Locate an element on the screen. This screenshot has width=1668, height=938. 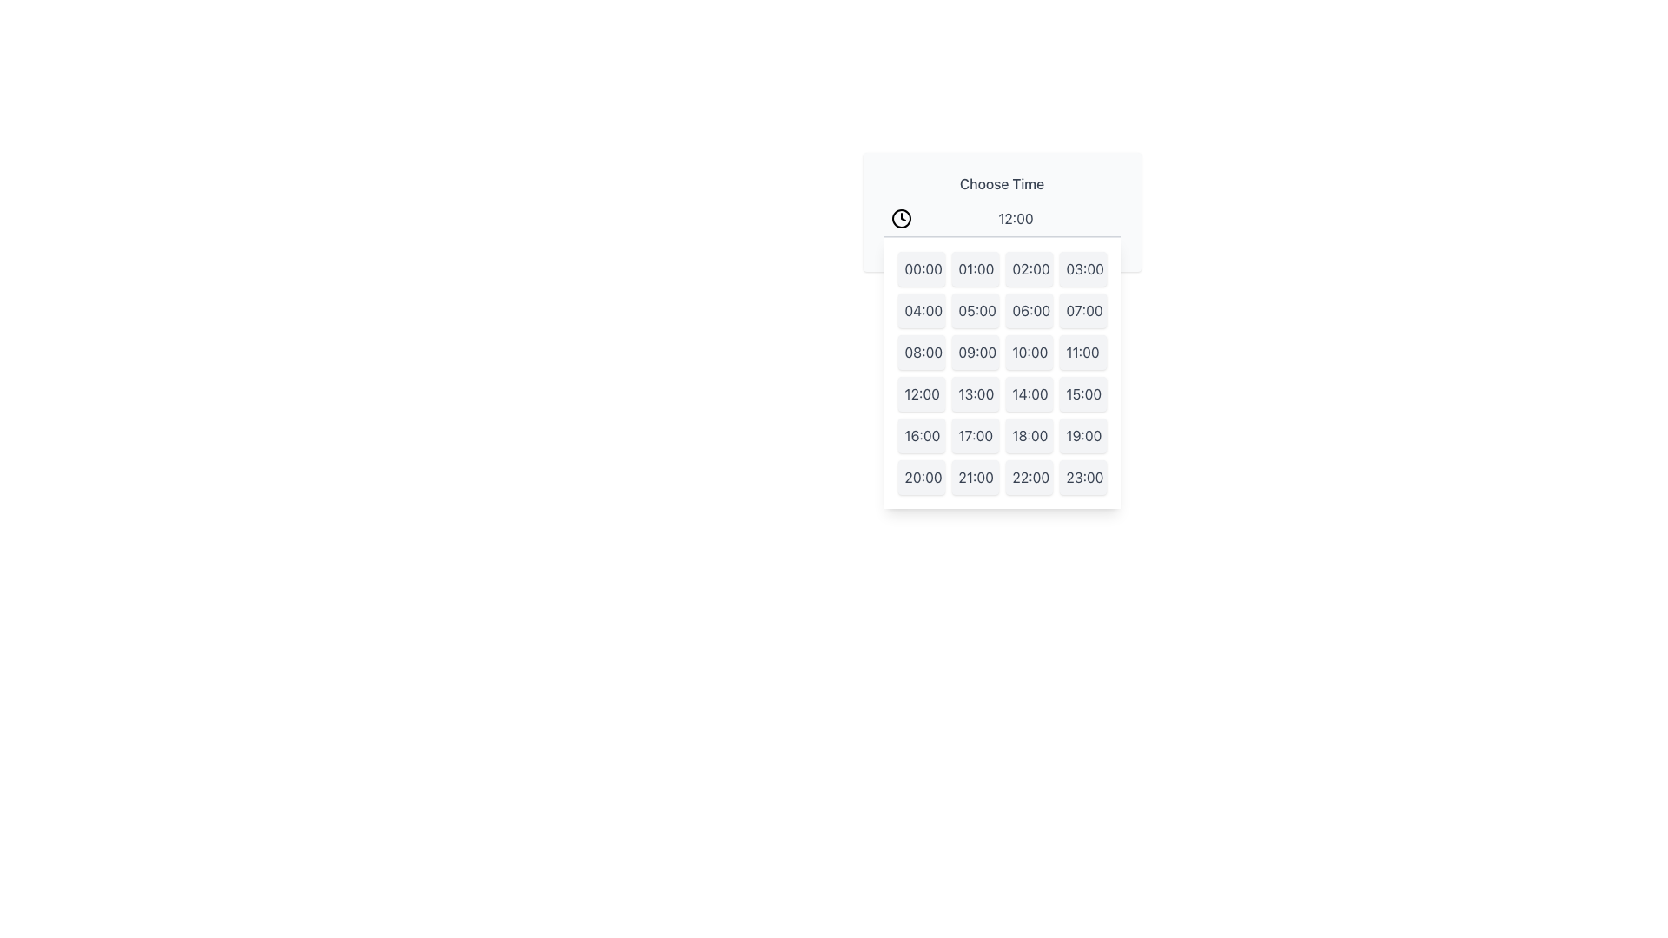
the second button in the first row of the time picker interface is located at coordinates (975, 268).